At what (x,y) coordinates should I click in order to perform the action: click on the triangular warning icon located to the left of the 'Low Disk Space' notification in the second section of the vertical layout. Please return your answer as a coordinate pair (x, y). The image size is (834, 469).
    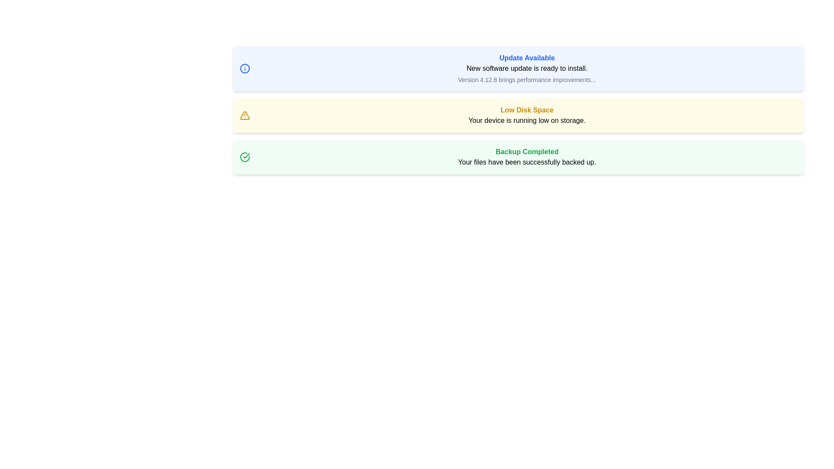
    Looking at the image, I should click on (244, 115).